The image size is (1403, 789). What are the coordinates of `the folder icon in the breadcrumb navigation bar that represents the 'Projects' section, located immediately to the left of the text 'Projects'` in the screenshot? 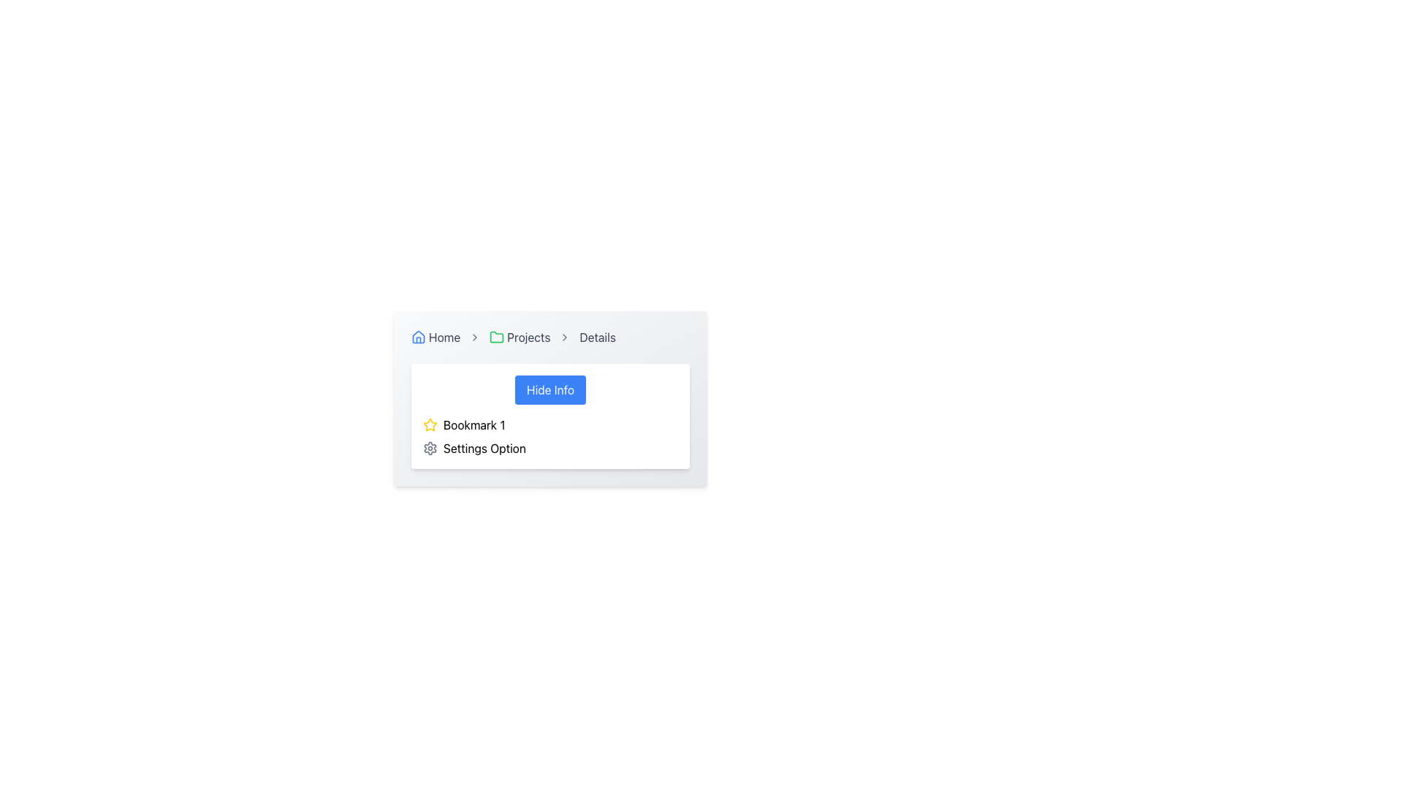 It's located at (497, 338).